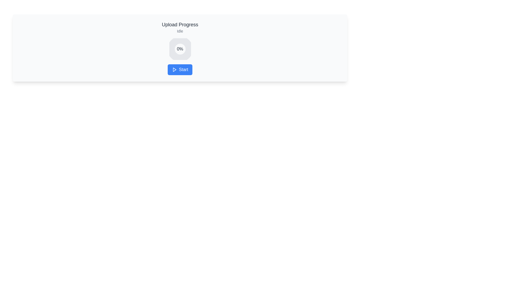 The image size is (521, 293). What do you see at coordinates (180, 31) in the screenshot?
I see `text content of the 'Idle' text label located beneath the 'Upload Progress' heading in the upper-center region of the interface` at bounding box center [180, 31].